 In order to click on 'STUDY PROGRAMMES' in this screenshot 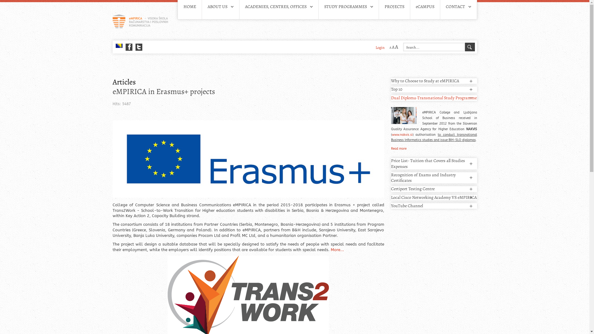, I will do `click(345, 6)`.